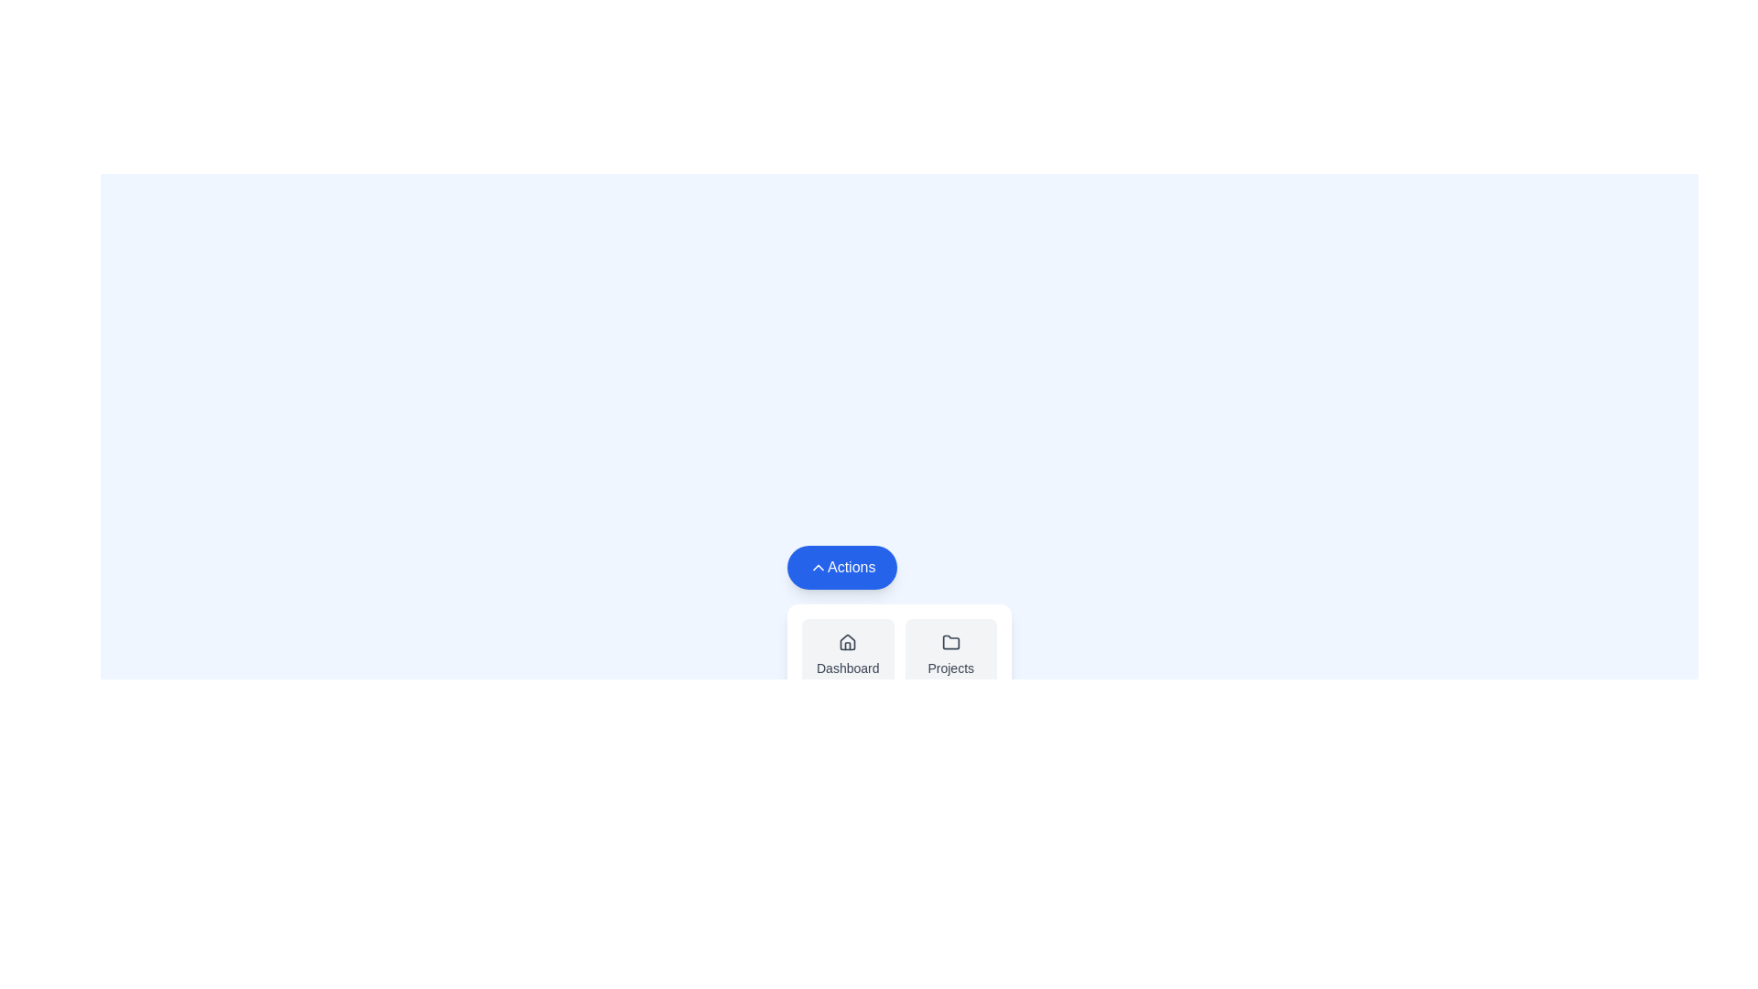 This screenshot has width=1758, height=989. What do you see at coordinates (950, 655) in the screenshot?
I see `the Projects option to observe its hover effect` at bounding box center [950, 655].